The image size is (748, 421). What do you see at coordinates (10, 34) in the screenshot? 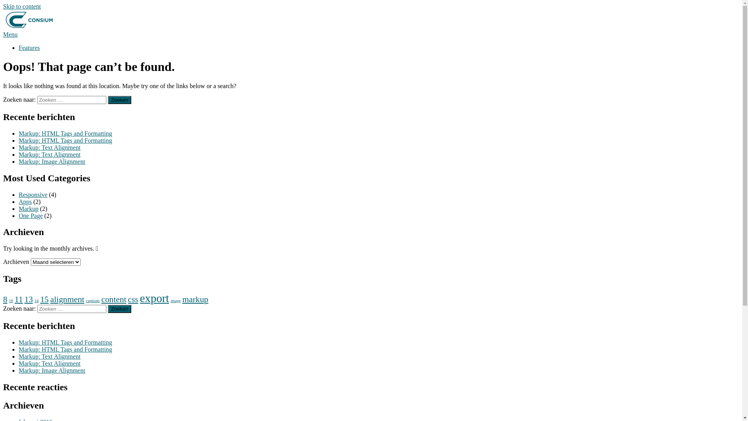
I see `'Menu'` at bounding box center [10, 34].